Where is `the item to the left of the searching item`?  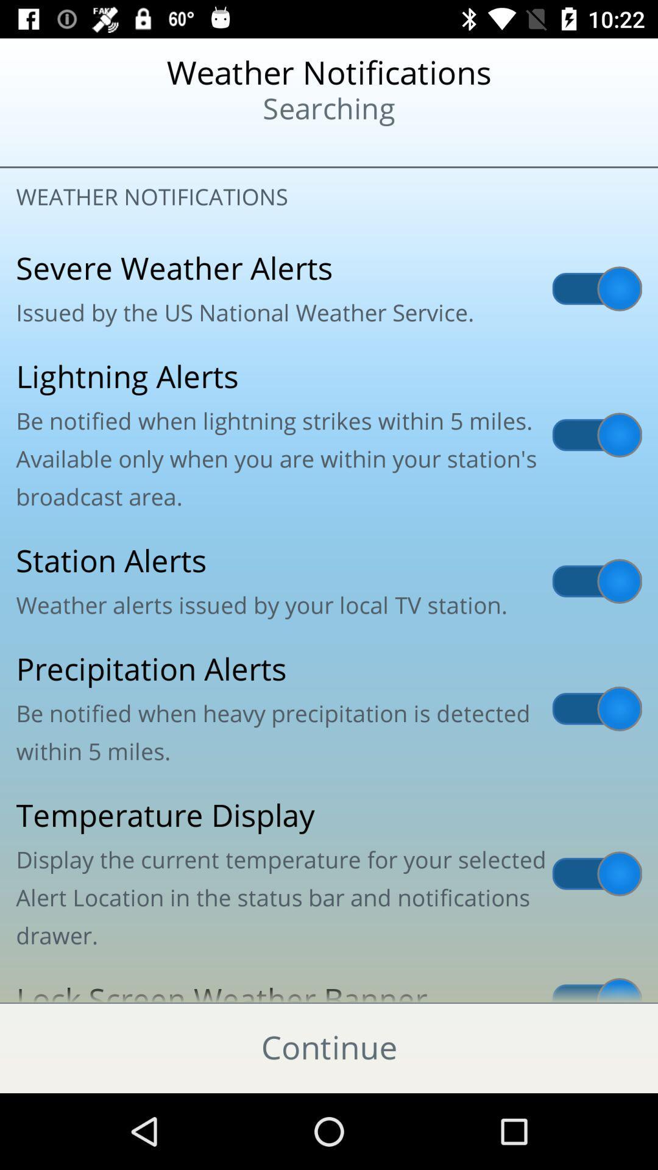
the item to the left of the searching item is located at coordinates (80, 146).